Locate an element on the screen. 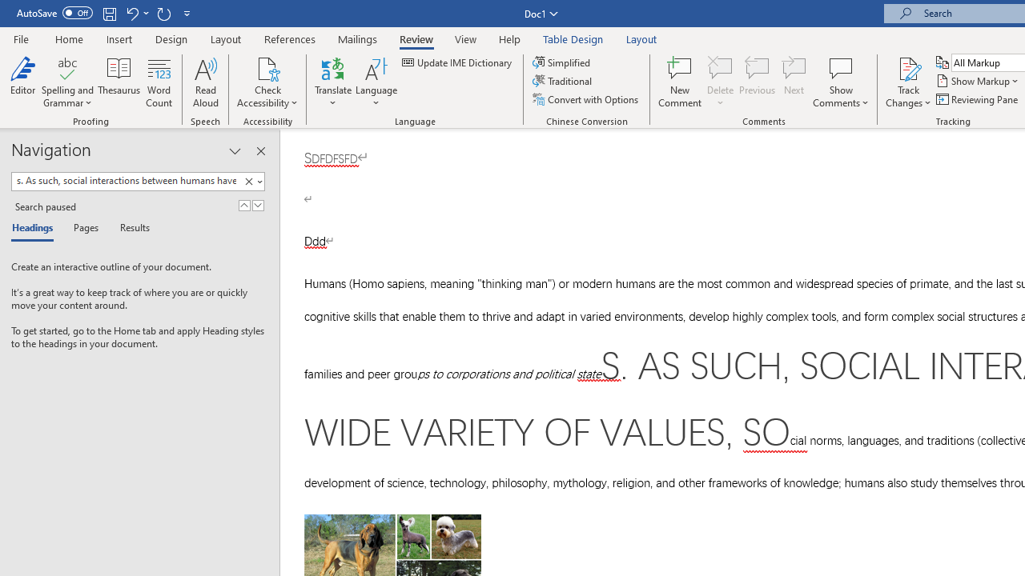 The width and height of the screenshot is (1025, 576). 'Language' is located at coordinates (376, 82).